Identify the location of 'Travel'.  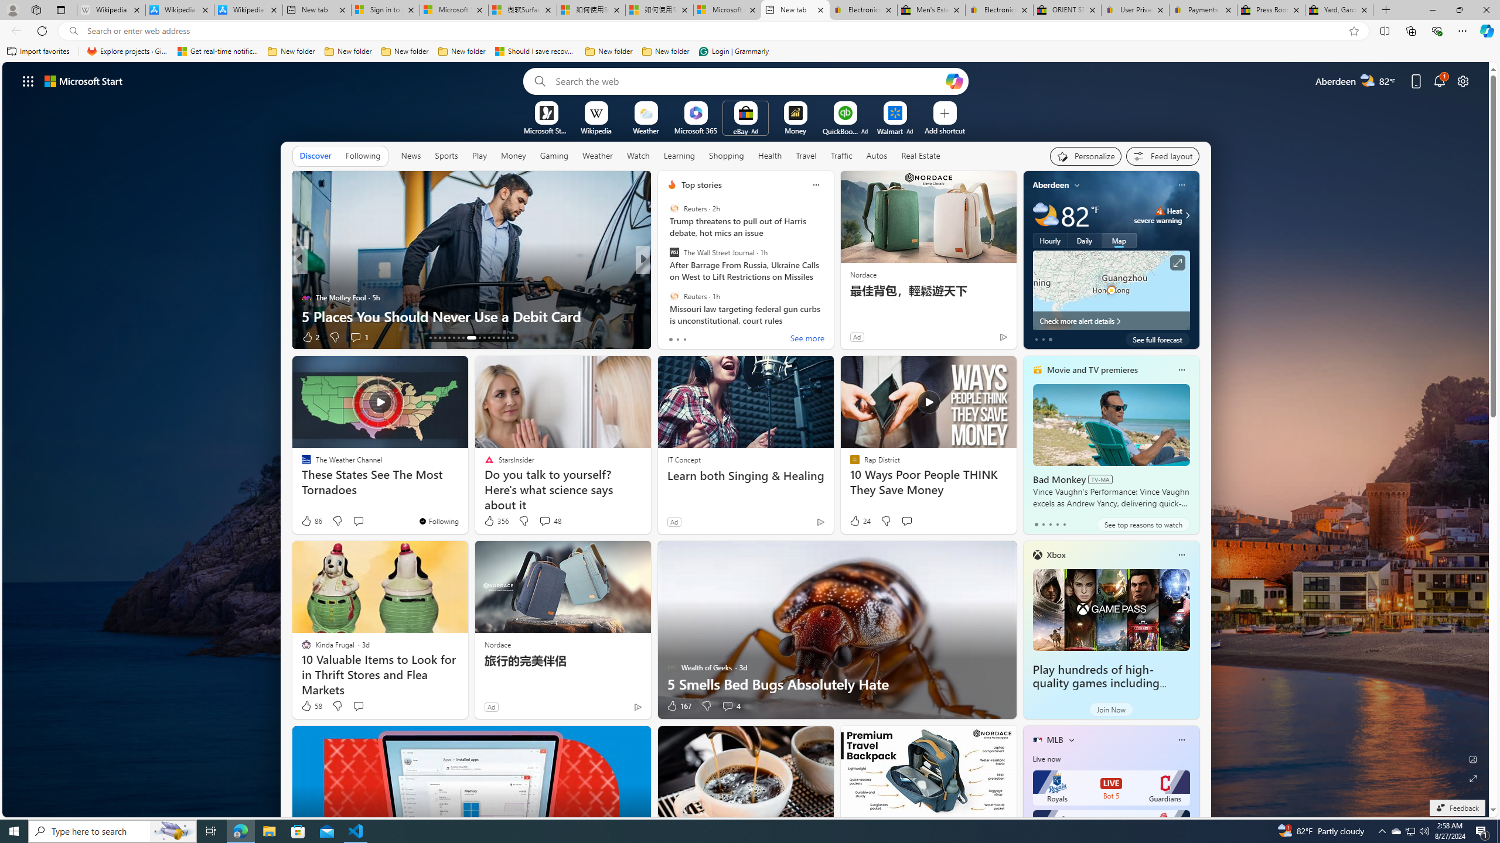
(806, 155).